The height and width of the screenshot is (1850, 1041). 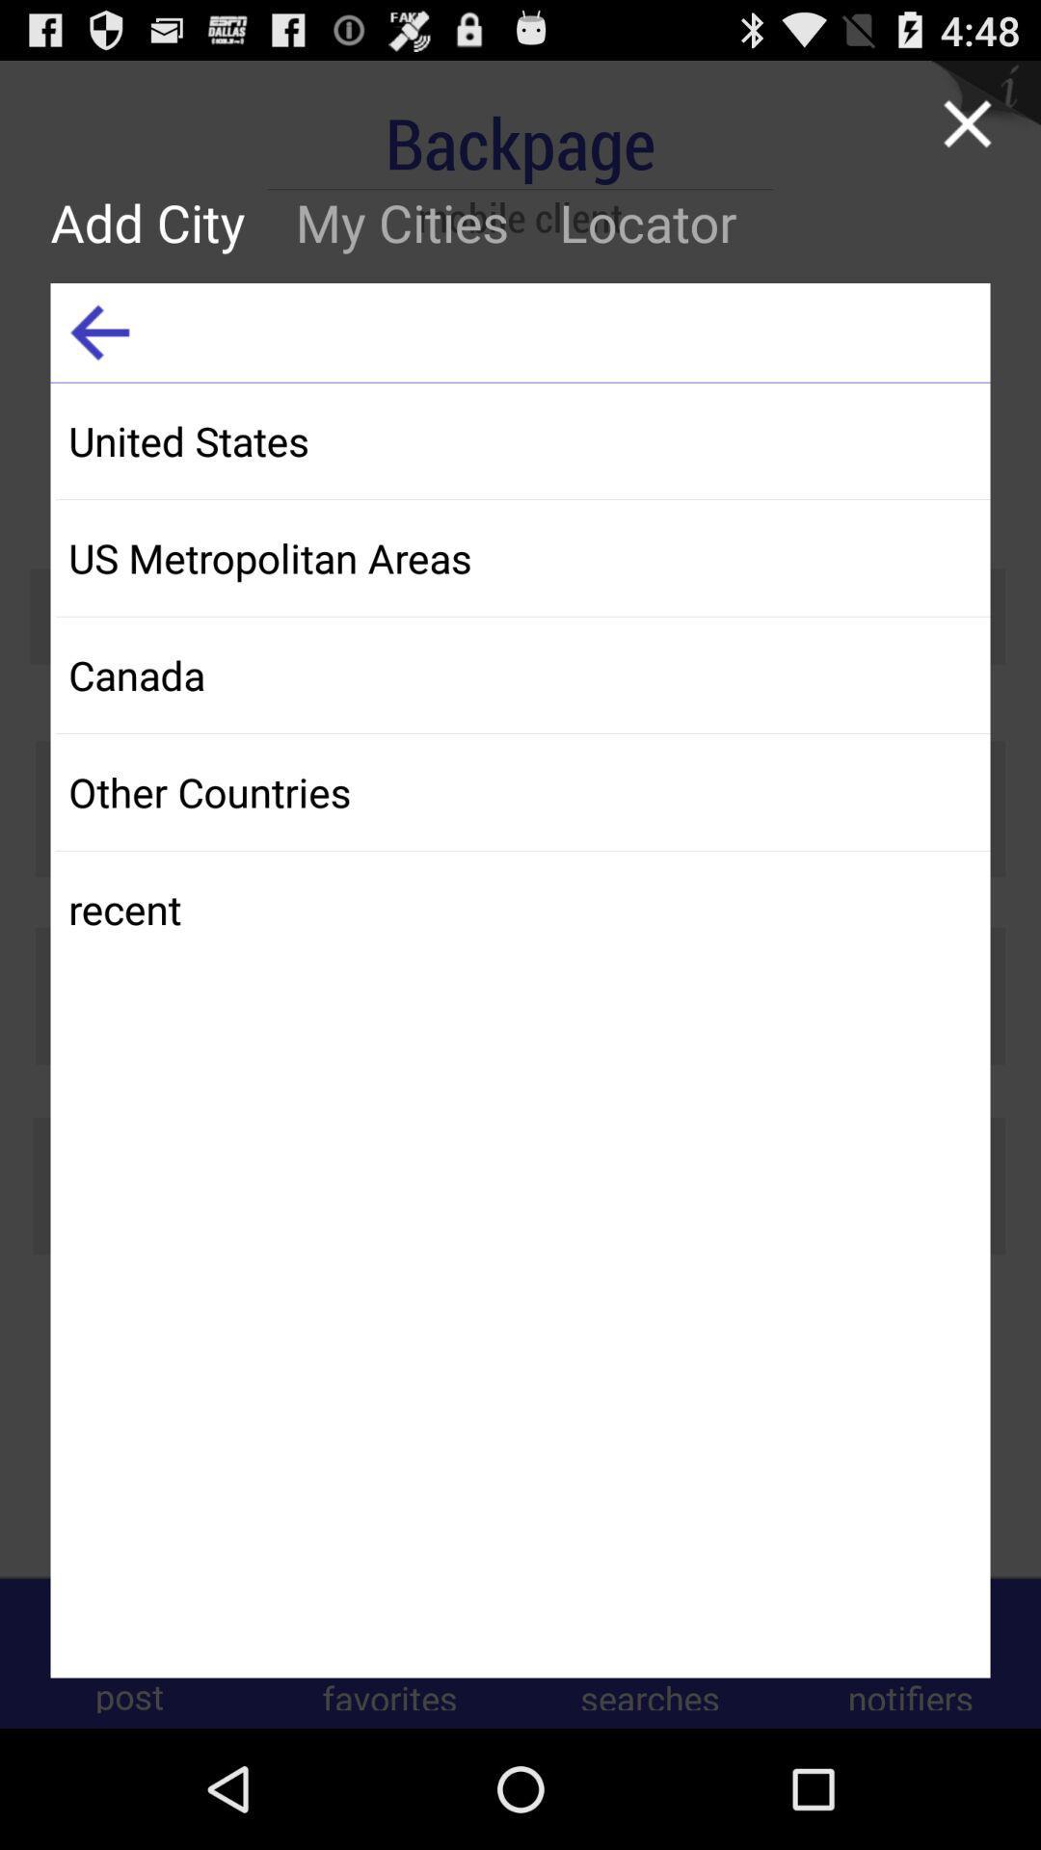 What do you see at coordinates (401, 222) in the screenshot?
I see `the button to the right of add city item` at bounding box center [401, 222].